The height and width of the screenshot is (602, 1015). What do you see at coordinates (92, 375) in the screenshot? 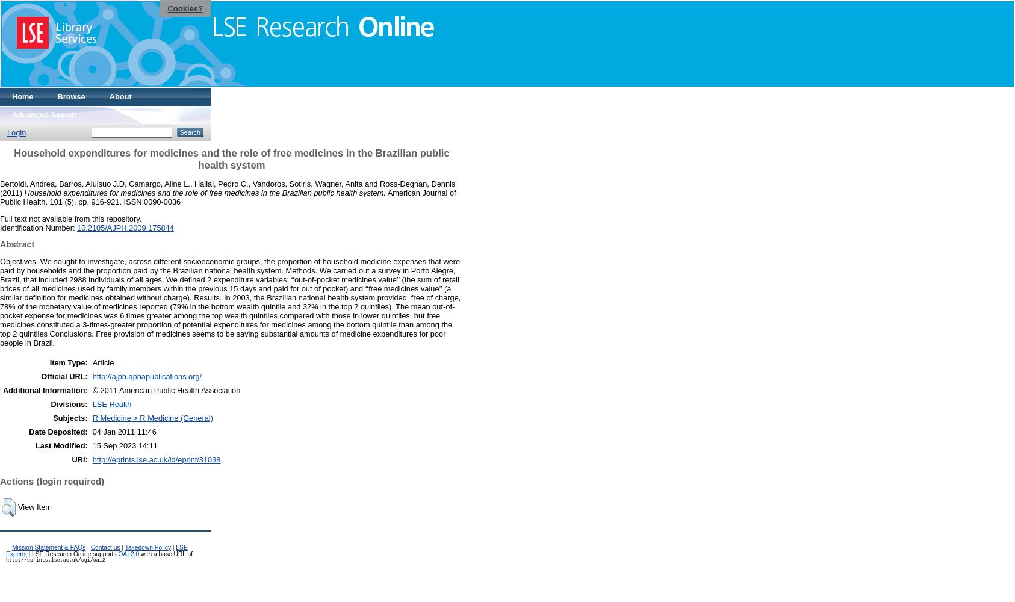
I see `'http://ajph.aphapublications.org/'` at bounding box center [92, 375].